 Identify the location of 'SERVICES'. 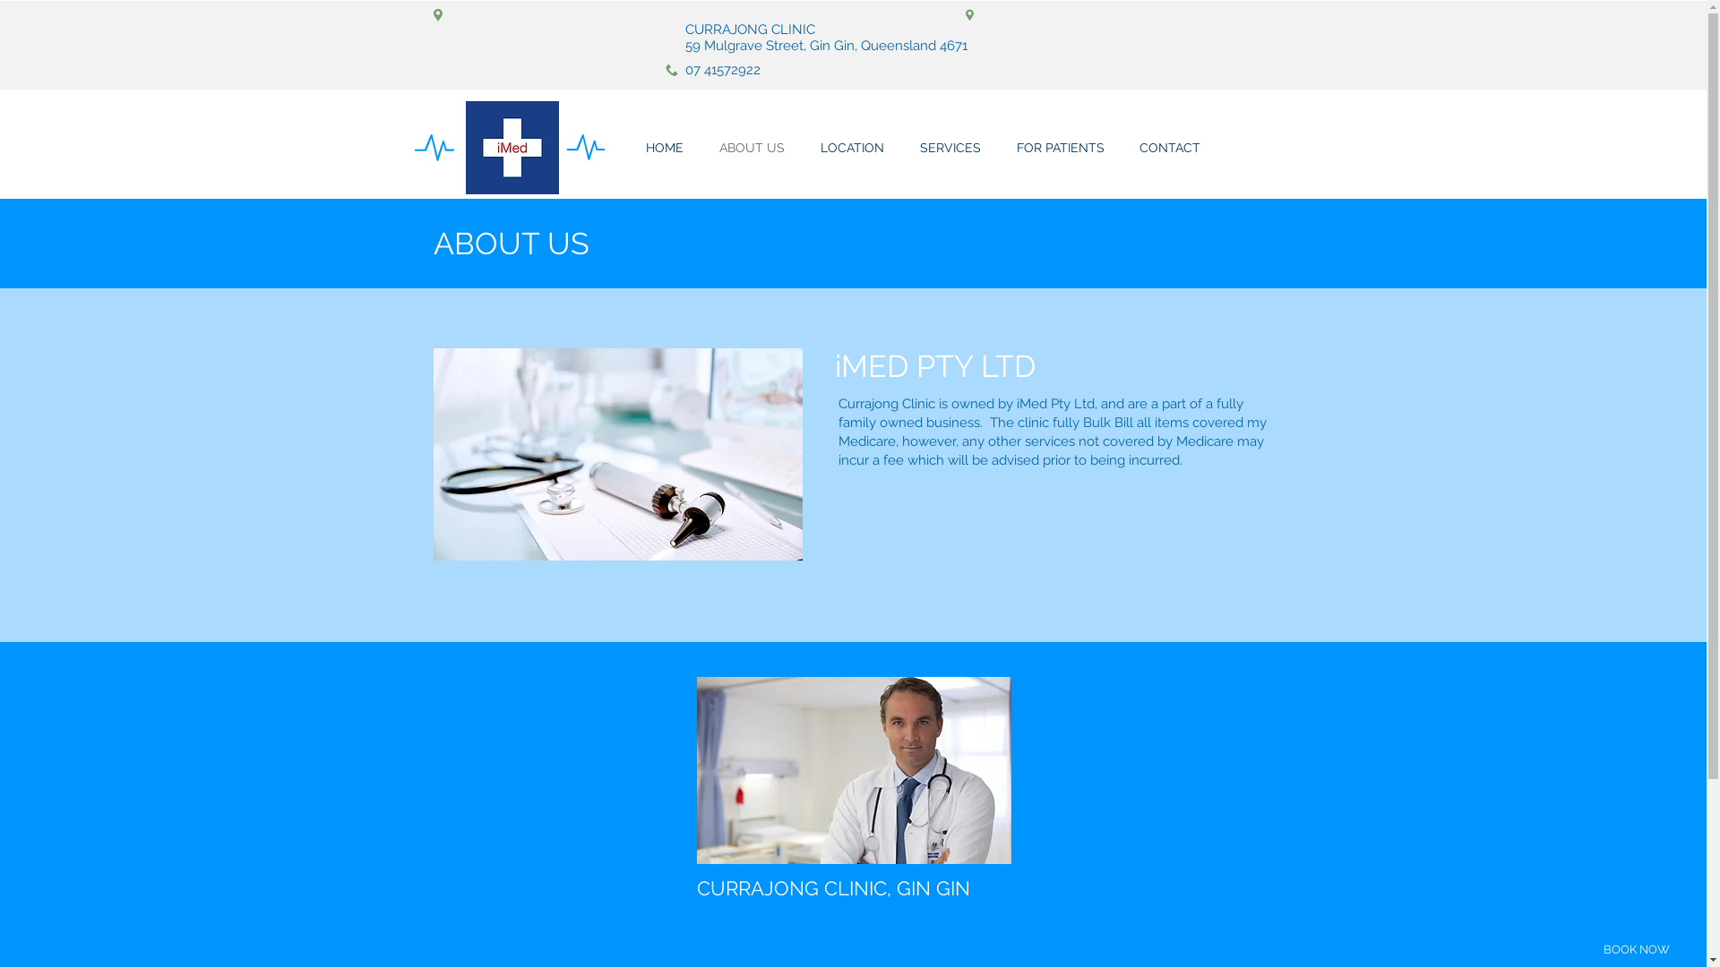
(949, 147).